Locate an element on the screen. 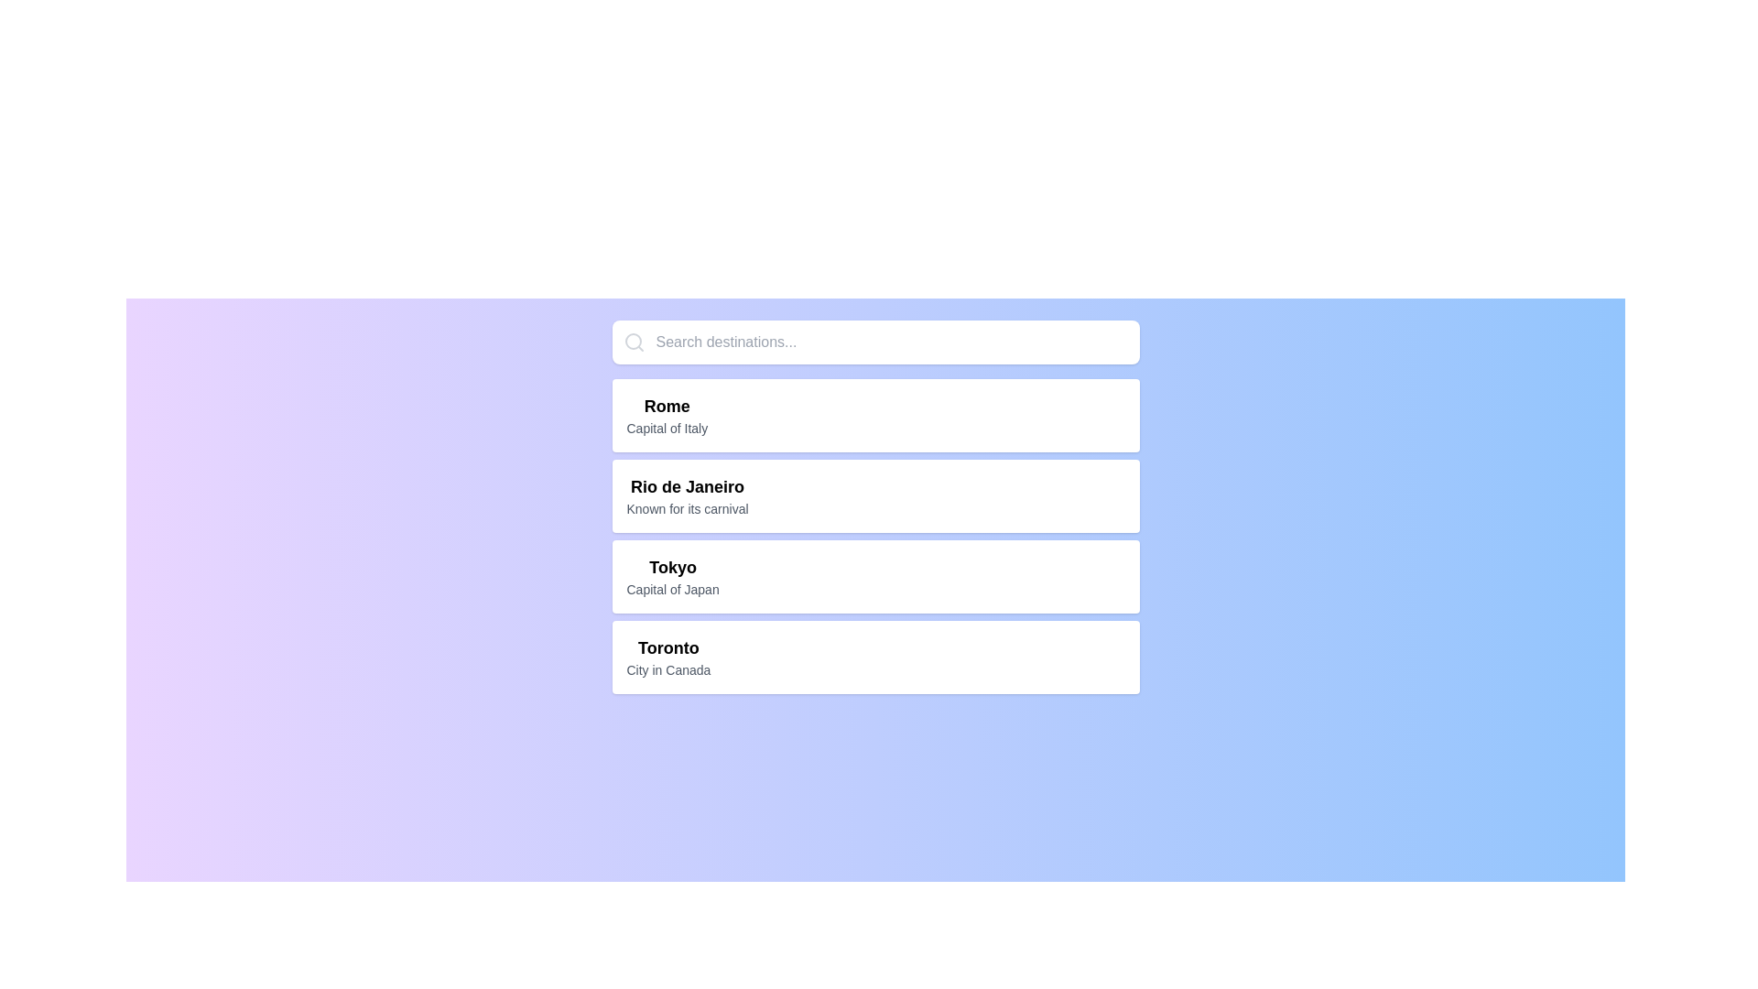 Image resolution: width=1758 pixels, height=989 pixels. the second interactive card in the list that provides details about 'Rio de Janeiro' is located at coordinates (874, 496).